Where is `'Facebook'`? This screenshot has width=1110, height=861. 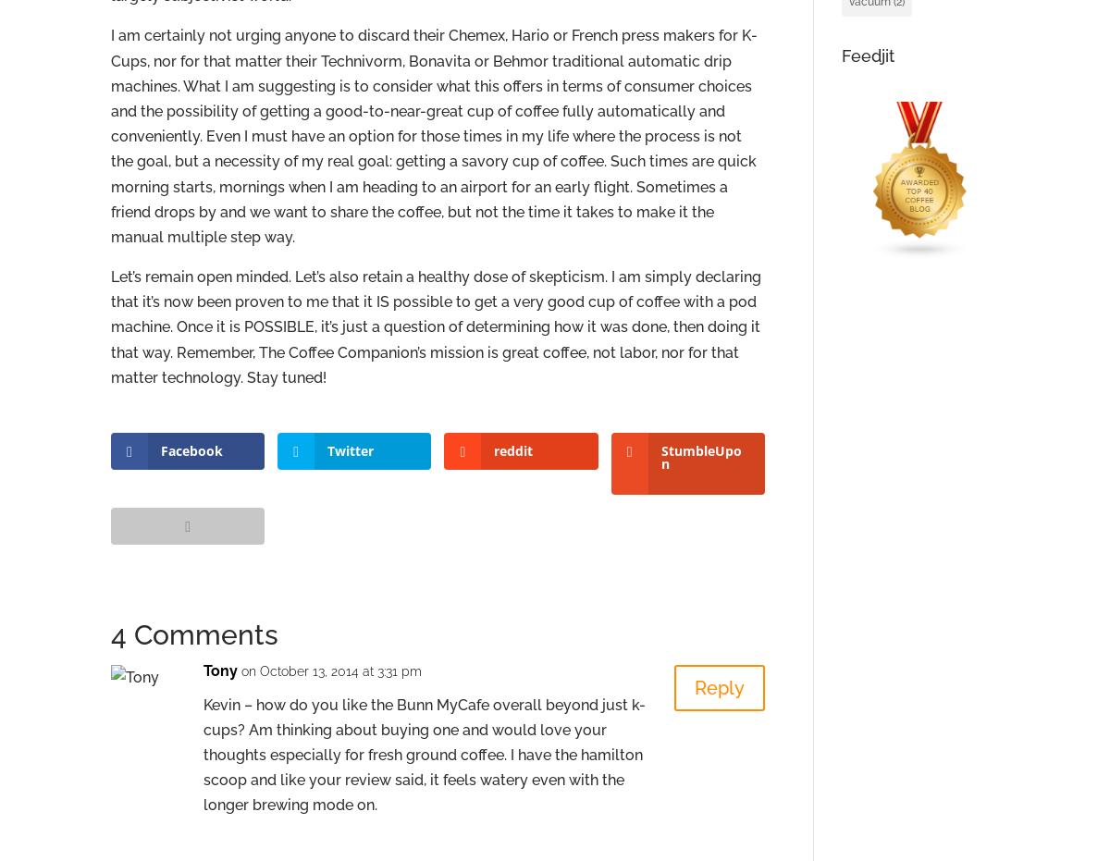 'Facebook' is located at coordinates (160, 450).